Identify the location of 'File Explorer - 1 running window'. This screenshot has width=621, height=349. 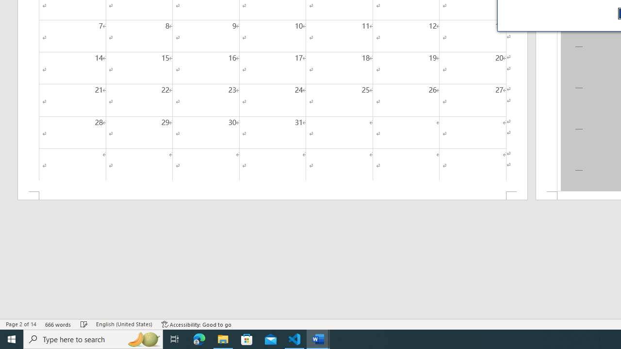
(223, 338).